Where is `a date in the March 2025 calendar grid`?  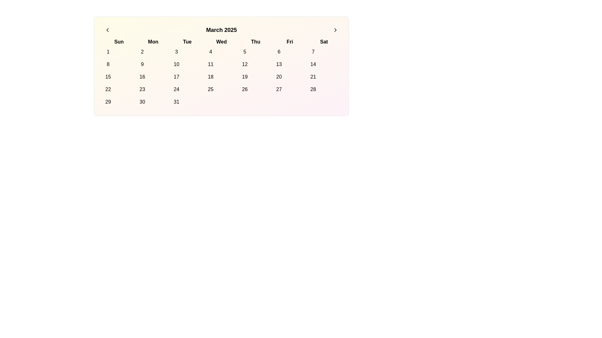
a date in the March 2025 calendar grid is located at coordinates (221, 73).